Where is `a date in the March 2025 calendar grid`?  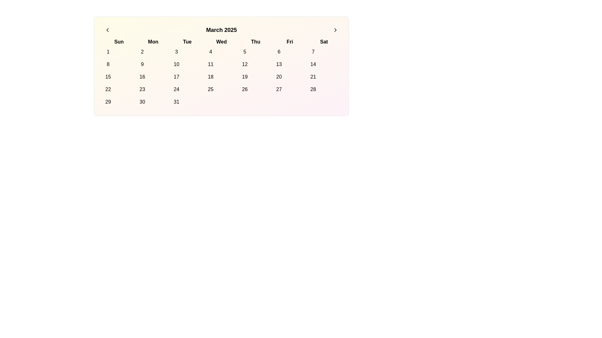
a date in the March 2025 calendar grid is located at coordinates (221, 73).